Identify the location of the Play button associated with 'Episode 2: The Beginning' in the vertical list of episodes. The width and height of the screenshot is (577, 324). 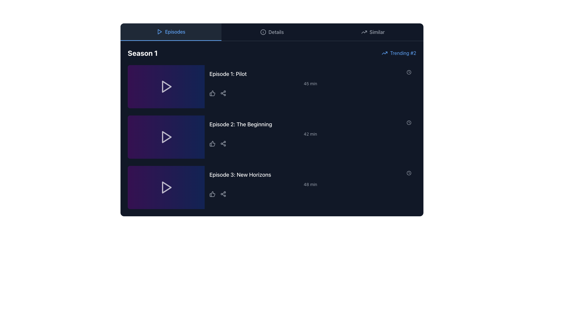
(166, 137).